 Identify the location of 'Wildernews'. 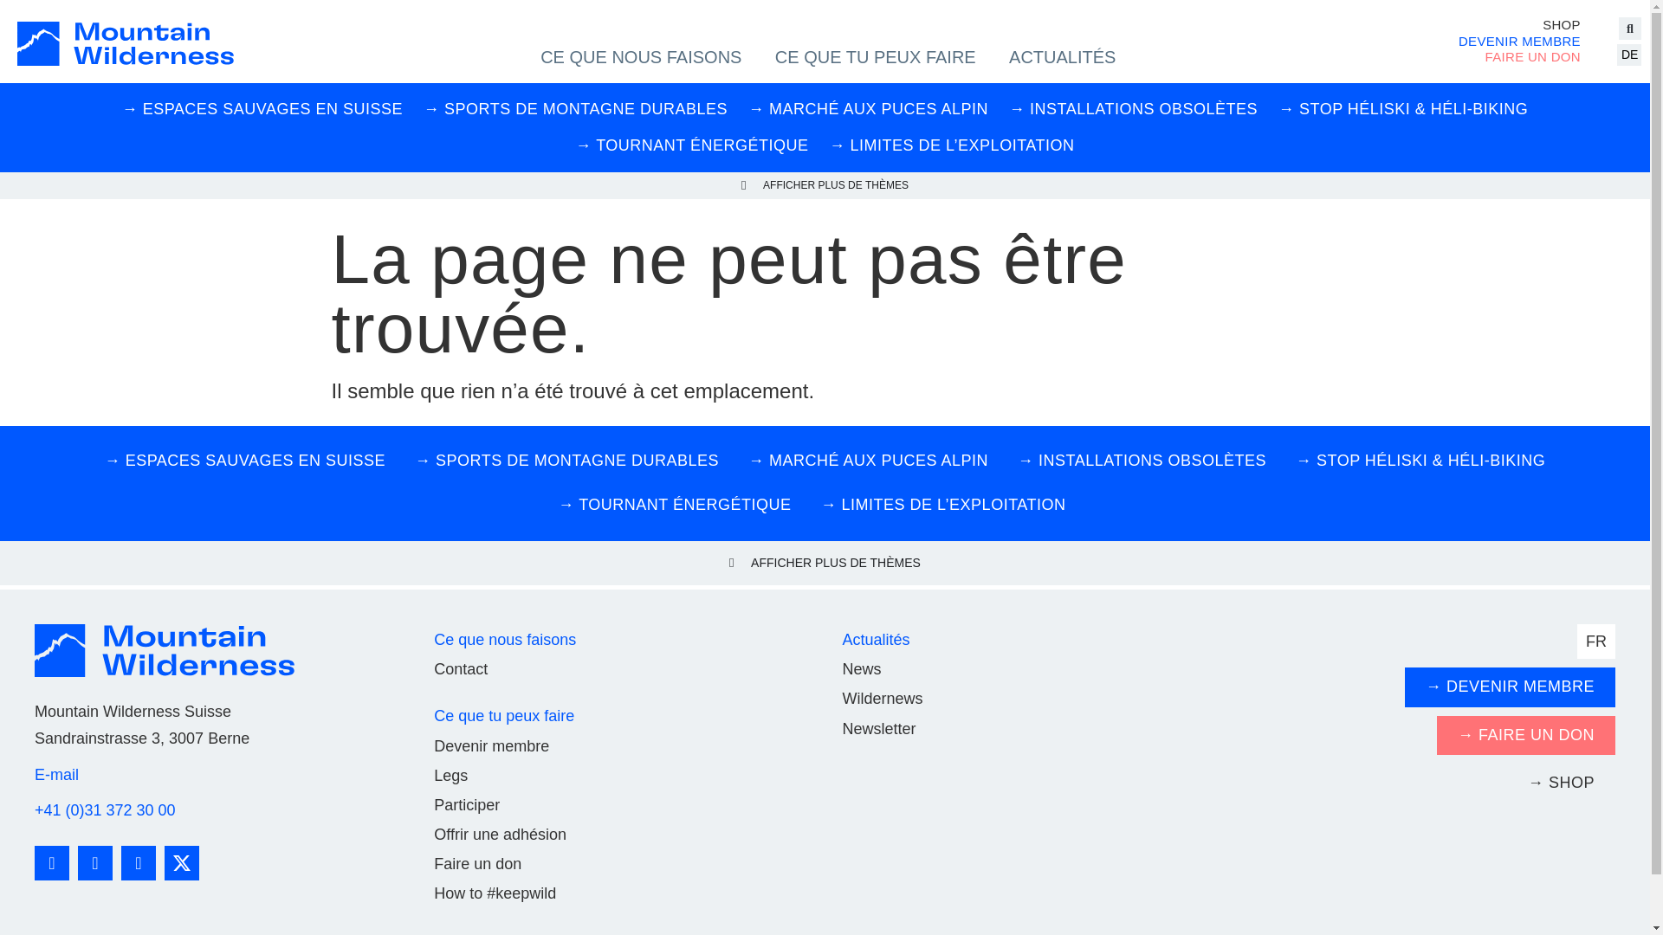
(882, 697).